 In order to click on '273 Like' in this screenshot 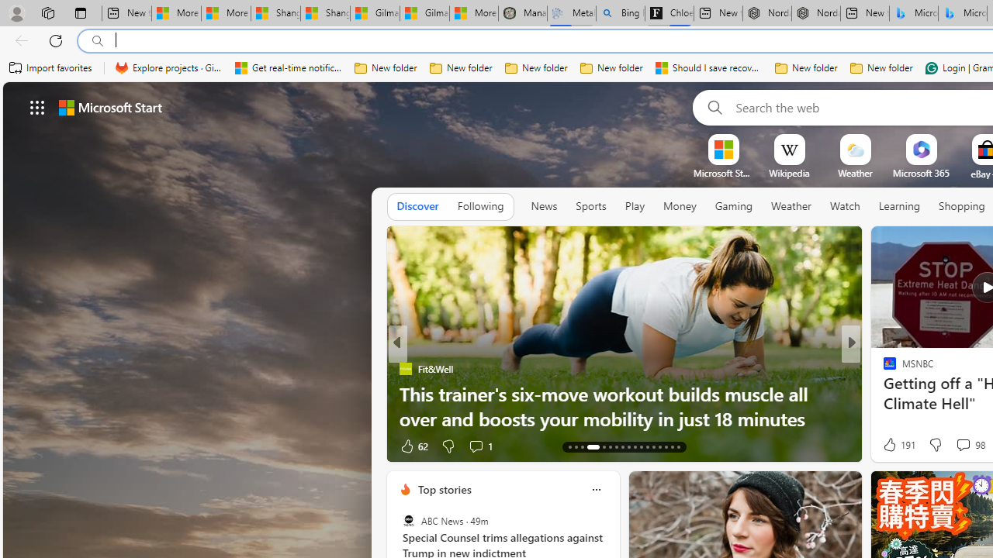, I will do `click(894, 446)`.